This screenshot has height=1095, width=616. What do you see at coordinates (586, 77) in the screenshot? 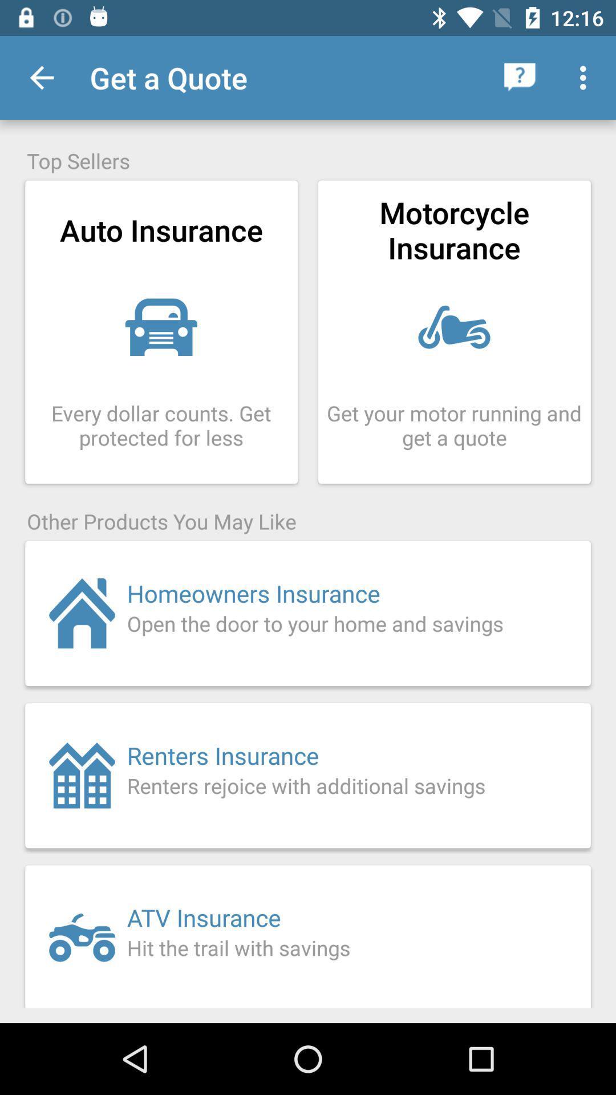
I see `item above the top sellers icon` at bounding box center [586, 77].